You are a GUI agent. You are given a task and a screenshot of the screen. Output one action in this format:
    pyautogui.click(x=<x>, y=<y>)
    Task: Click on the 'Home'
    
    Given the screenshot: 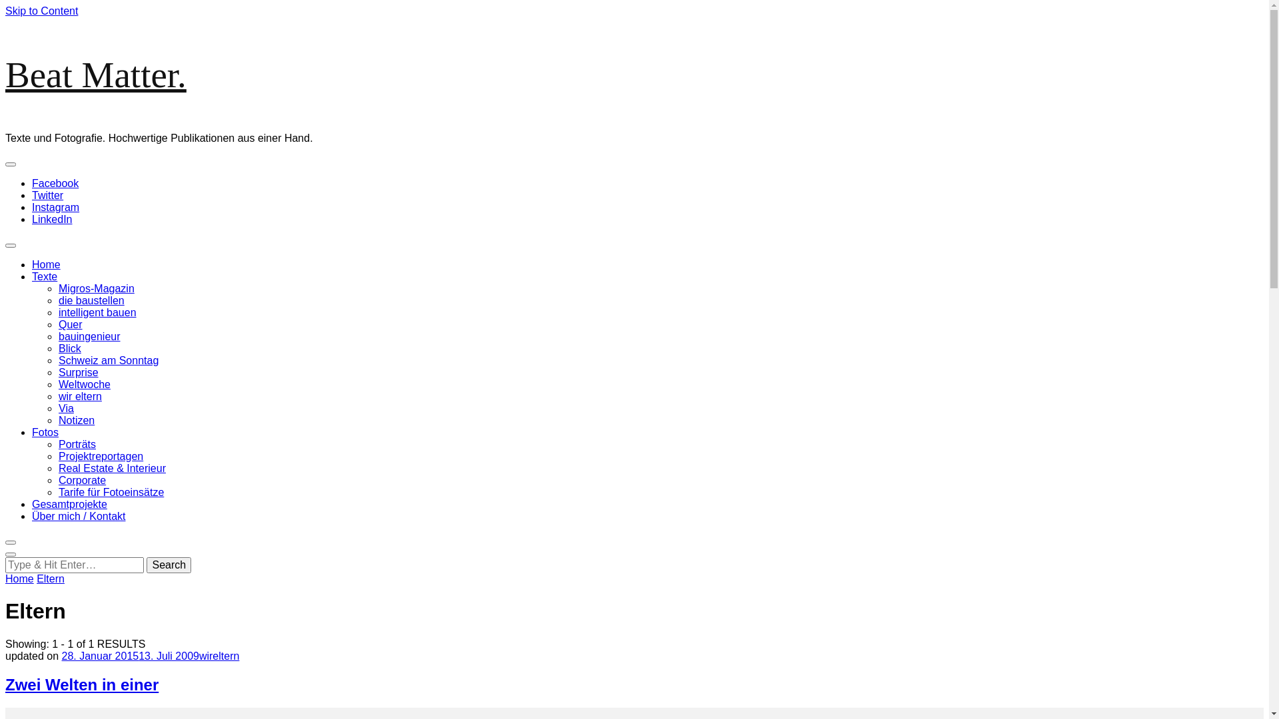 What is the action you would take?
    pyautogui.click(x=19, y=578)
    